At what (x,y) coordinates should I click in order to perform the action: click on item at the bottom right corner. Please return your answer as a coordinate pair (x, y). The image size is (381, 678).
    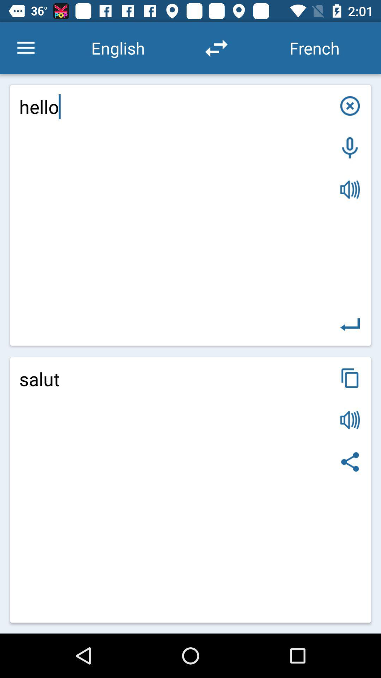
    Looking at the image, I should click on (350, 462).